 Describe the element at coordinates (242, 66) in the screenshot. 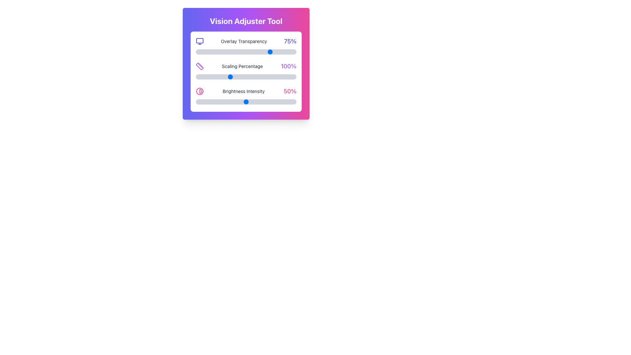

I see `the static text label displaying 'Scaling Percentage' that is styled in a small gray font, located within the 'Vision Adjuster Tool' card interface` at that location.